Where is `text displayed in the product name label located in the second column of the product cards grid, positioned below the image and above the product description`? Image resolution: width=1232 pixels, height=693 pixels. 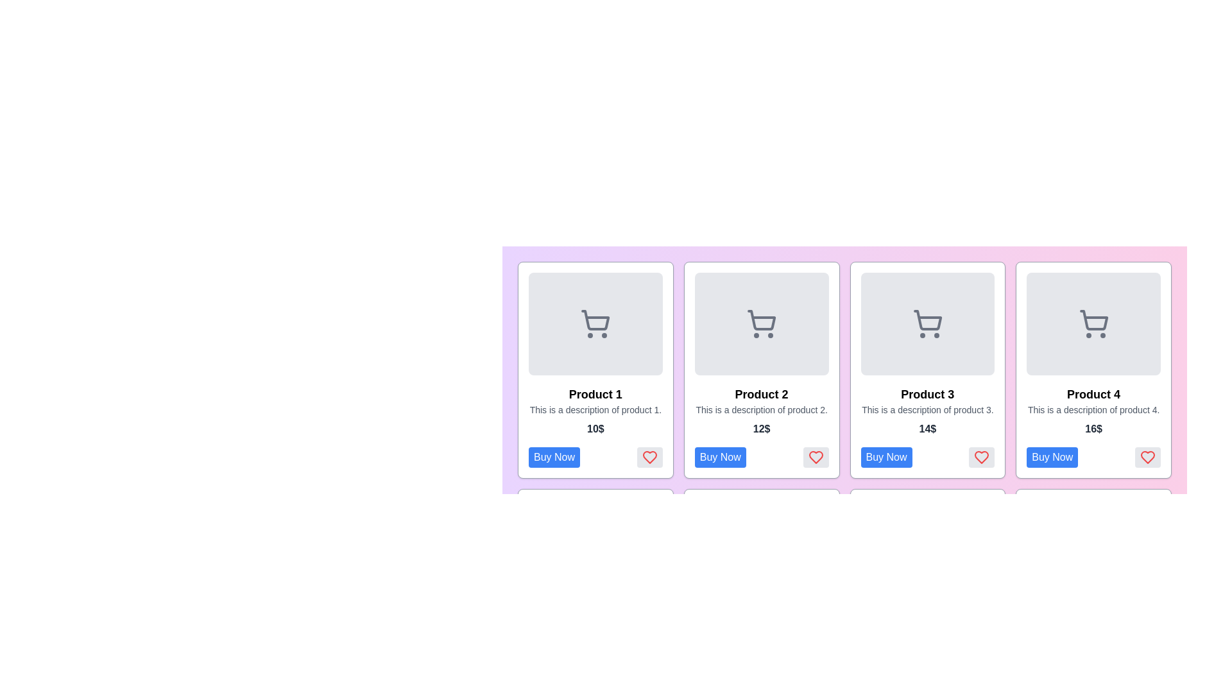 text displayed in the product name label located in the second column of the product cards grid, positioned below the image and above the product description is located at coordinates (762, 393).